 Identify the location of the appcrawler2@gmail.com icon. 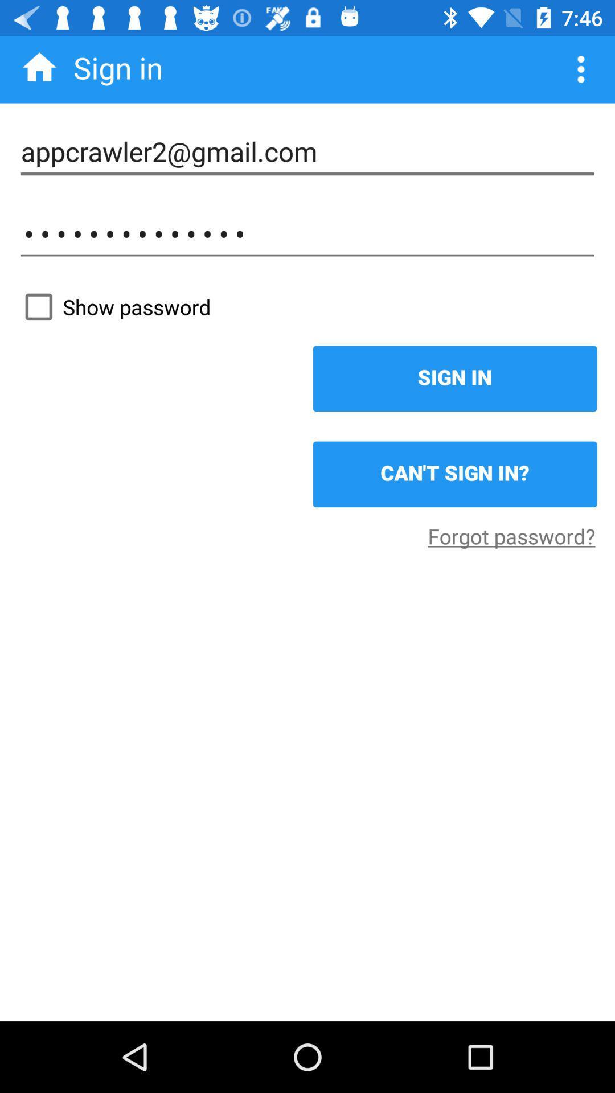
(307, 151).